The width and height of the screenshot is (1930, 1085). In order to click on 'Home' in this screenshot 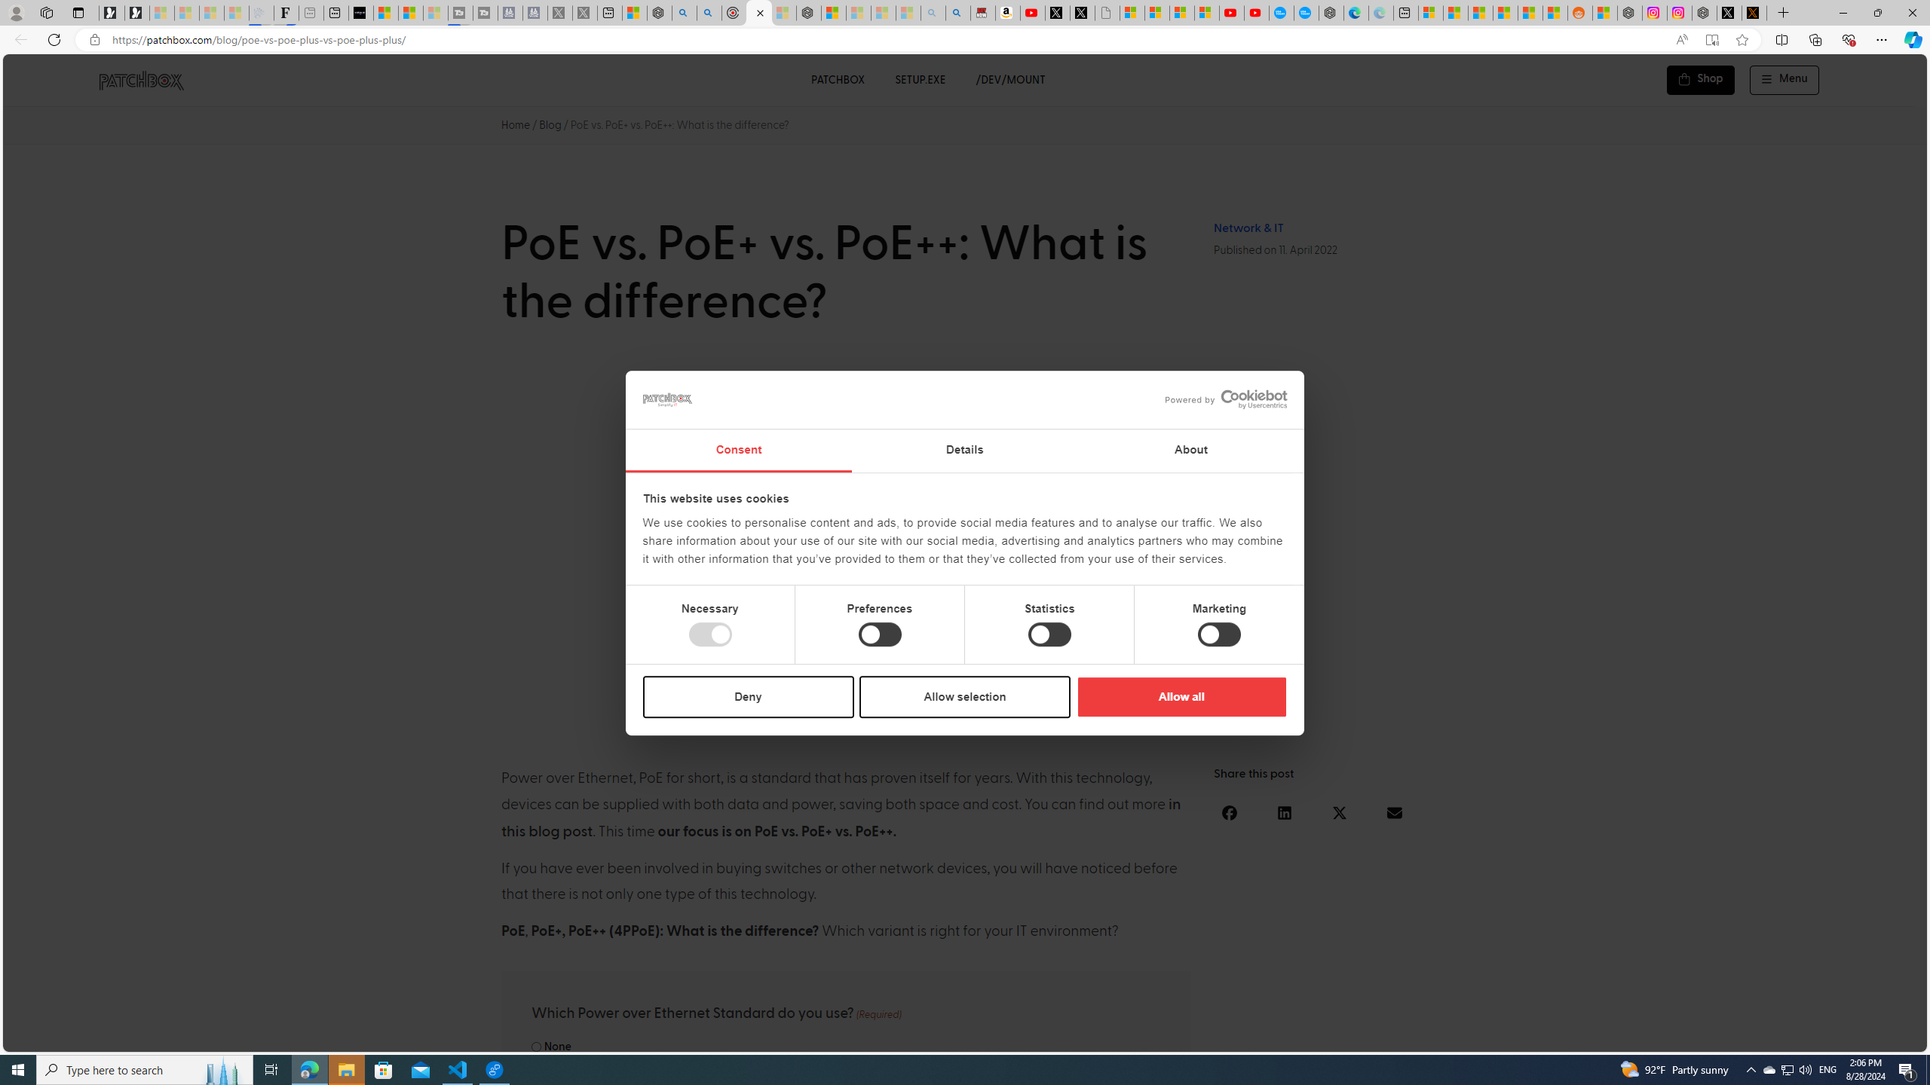, I will do `click(516, 124)`.